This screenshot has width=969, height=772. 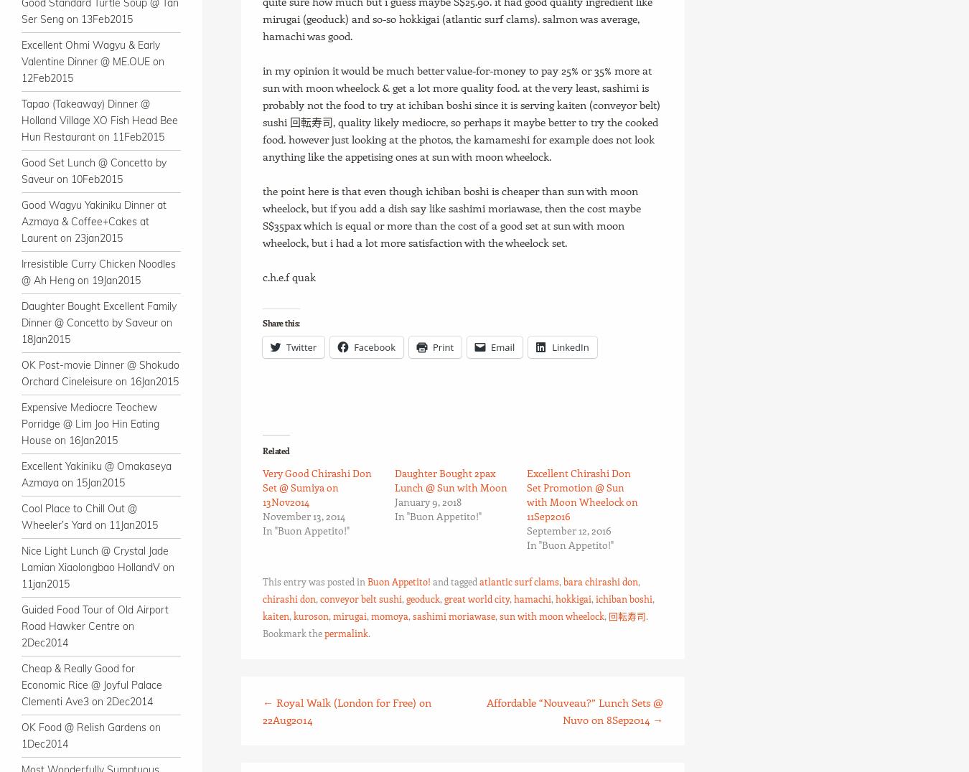 What do you see at coordinates (91, 735) in the screenshot?
I see `'OK Food @ Relish Gardens on 1Dec2014'` at bounding box center [91, 735].